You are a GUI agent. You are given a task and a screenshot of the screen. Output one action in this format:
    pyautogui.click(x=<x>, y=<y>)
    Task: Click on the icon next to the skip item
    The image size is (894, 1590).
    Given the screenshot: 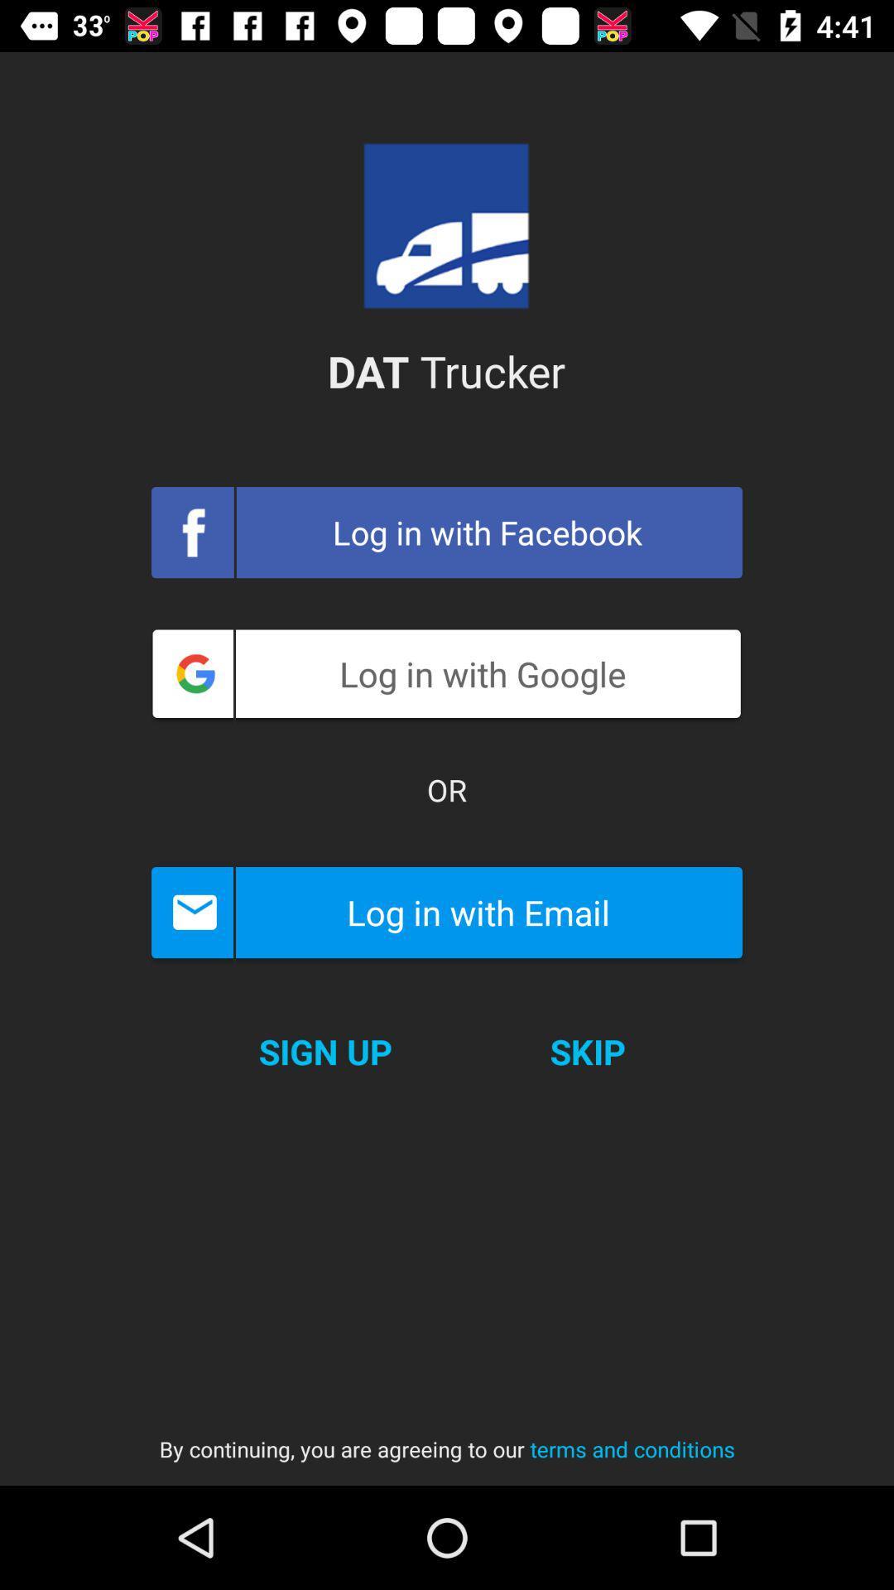 What is the action you would take?
    pyautogui.click(x=325, y=1051)
    